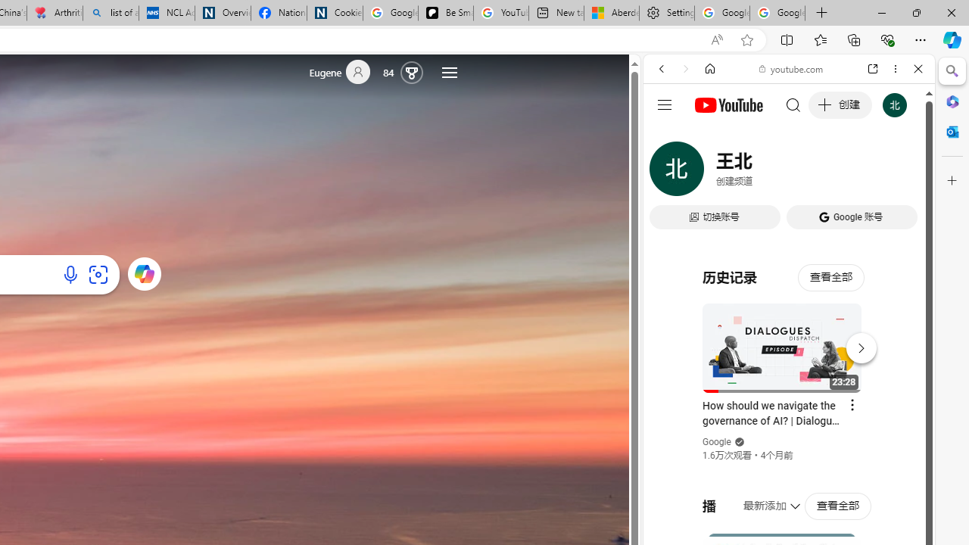 The width and height of the screenshot is (969, 545). Describe the element at coordinates (70, 274) in the screenshot. I see `'Search using voice'` at that location.